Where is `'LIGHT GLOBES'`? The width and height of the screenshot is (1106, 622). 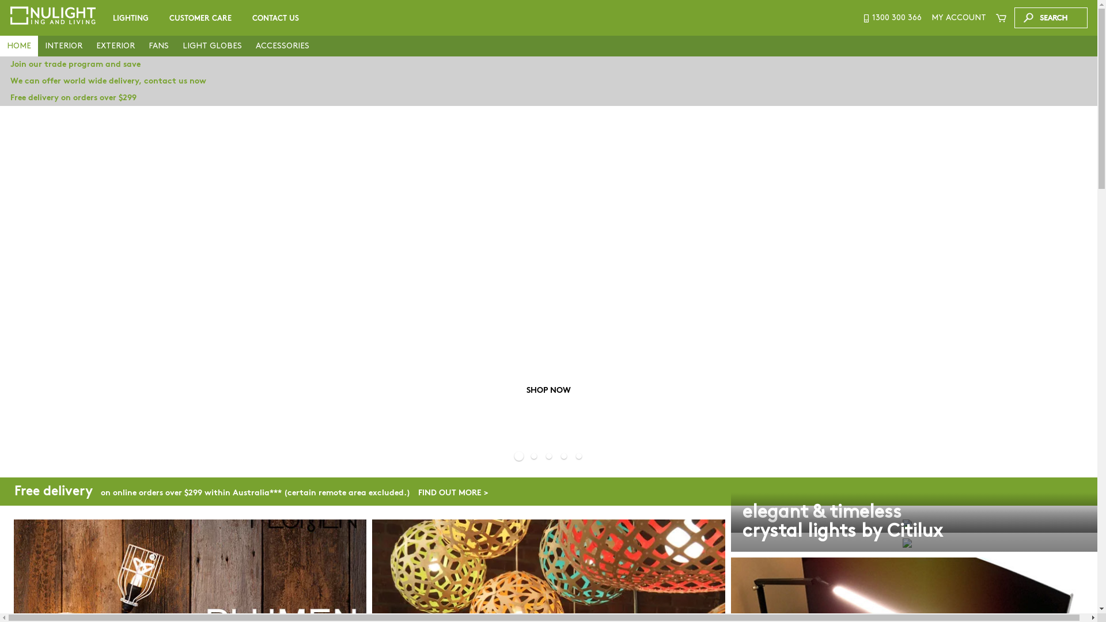 'LIGHT GLOBES' is located at coordinates (212, 45).